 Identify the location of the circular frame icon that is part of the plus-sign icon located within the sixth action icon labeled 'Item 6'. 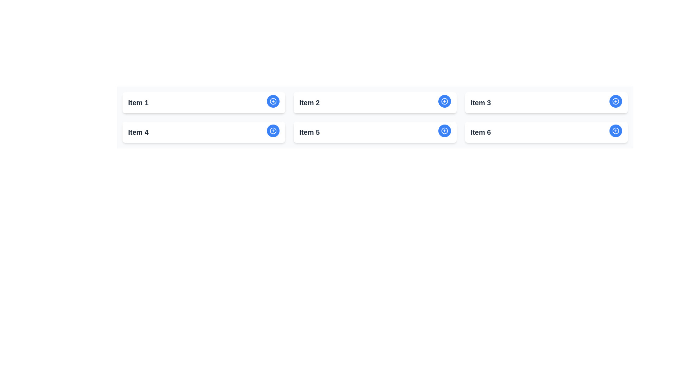
(615, 131).